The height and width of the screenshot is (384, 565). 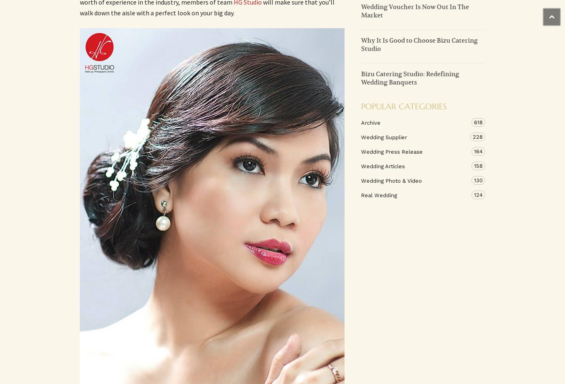 I want to click on 'Wedding Articles', so click(x=383, y=165).